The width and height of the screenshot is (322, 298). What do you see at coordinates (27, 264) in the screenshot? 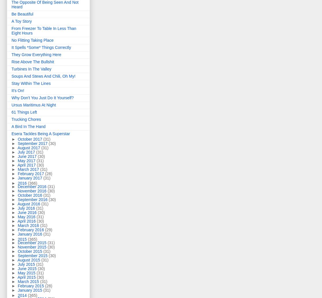
I see `'July 2015'` at bounding box center [27, 264].